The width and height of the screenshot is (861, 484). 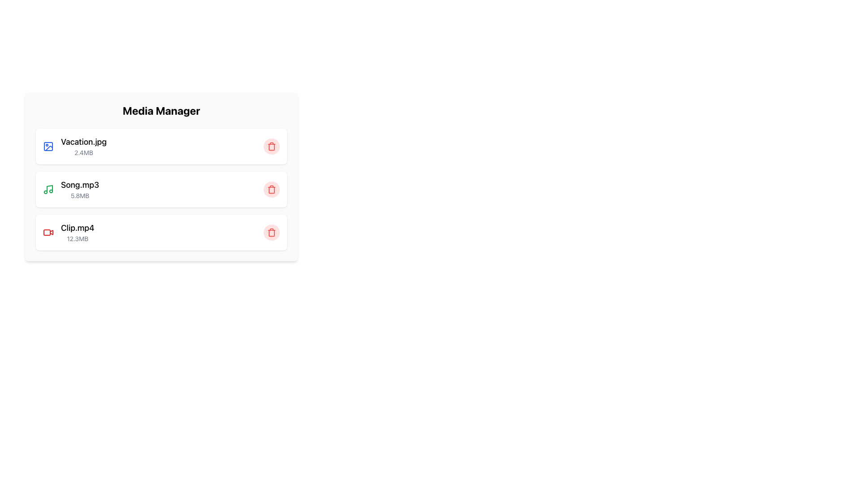 I want to click on the File item descriptor labeled 'Clip.mp4' with the size '12.3MB', so click(x=68, y=232).